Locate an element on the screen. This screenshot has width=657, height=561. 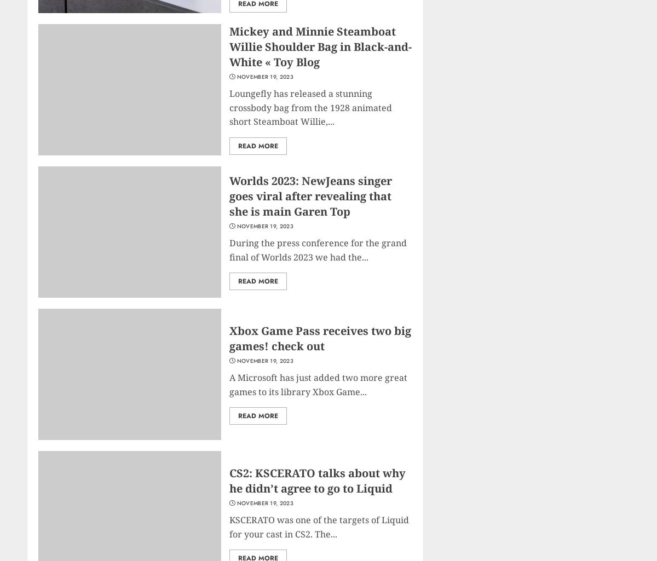
'Xbox Game Pass receives two big games!  check out' is located at coordinates (229, 338).